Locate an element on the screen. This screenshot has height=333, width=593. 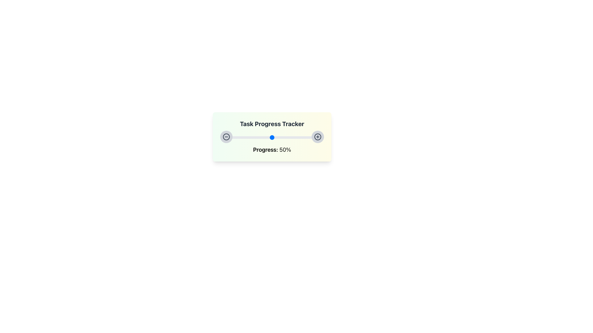
the slider is located at coordinates (322, 137).